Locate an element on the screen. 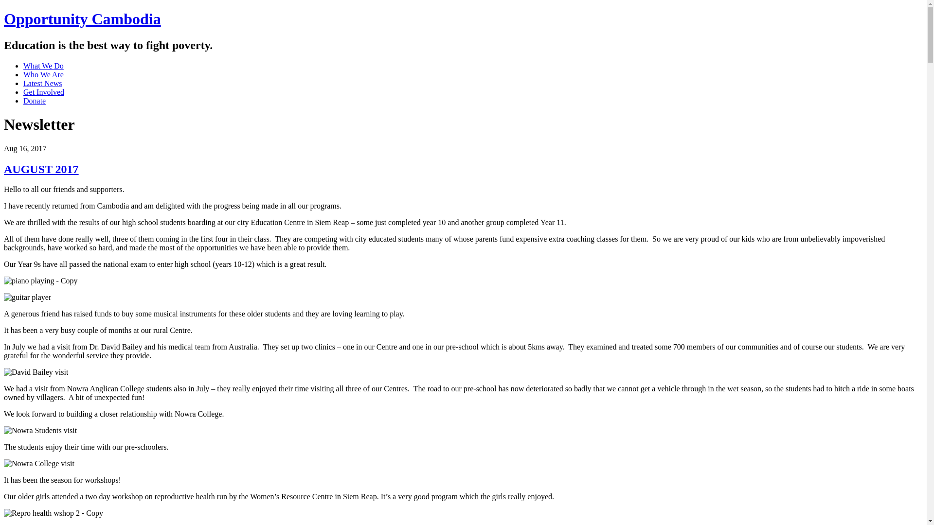 The width and height of the screenshot is (934, 525). 'Opportunity Cambodia' is located at coordinates (82, 18).